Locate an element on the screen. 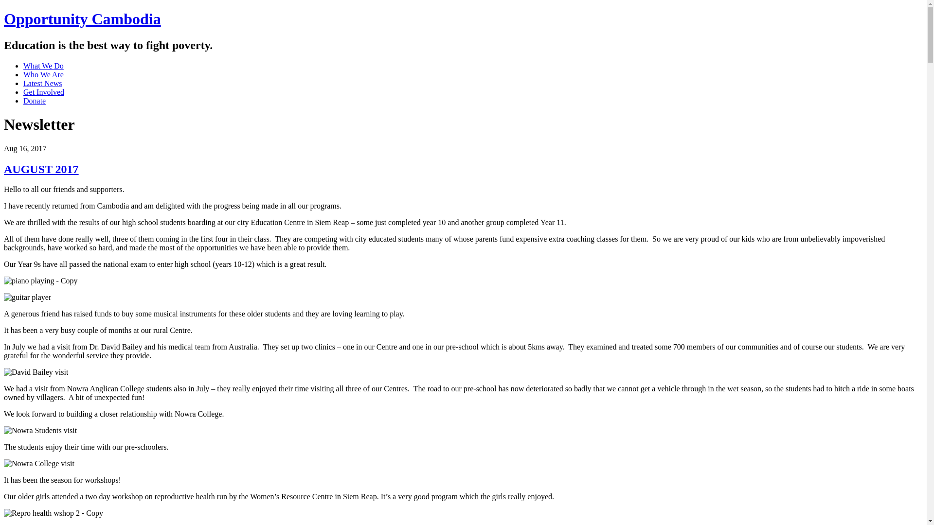 The width and height of the screenshot is (934, 525). 'Opportunity Cambodia' is located at coordinates (82, 18).